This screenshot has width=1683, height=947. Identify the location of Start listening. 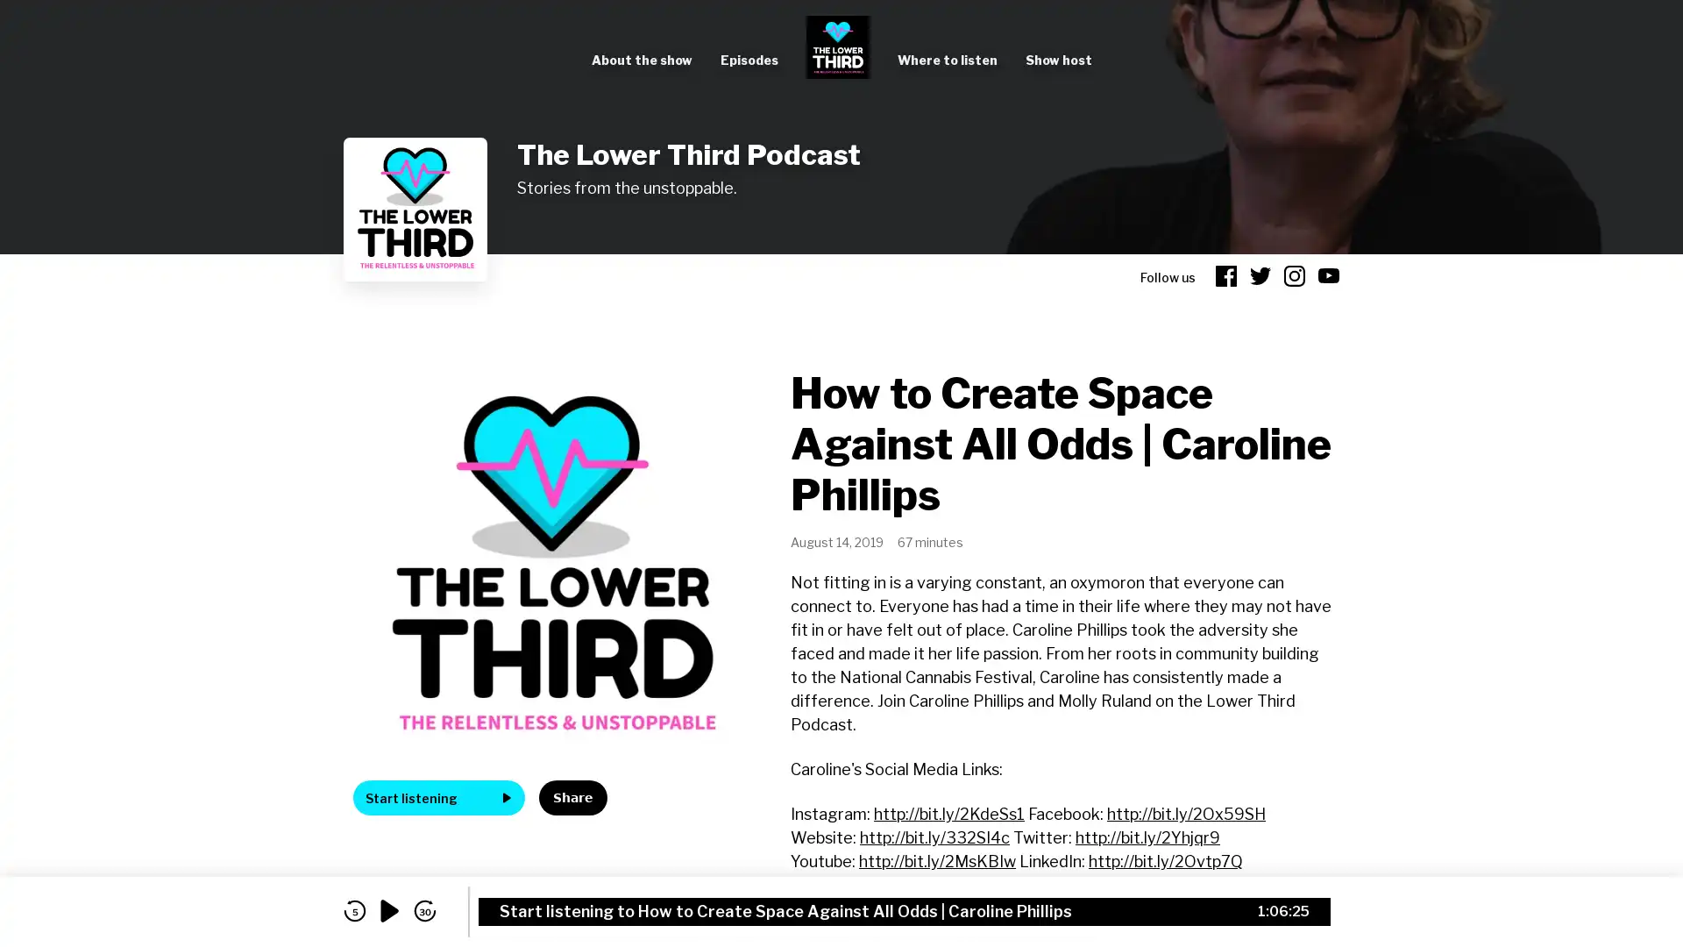
(438, 798).